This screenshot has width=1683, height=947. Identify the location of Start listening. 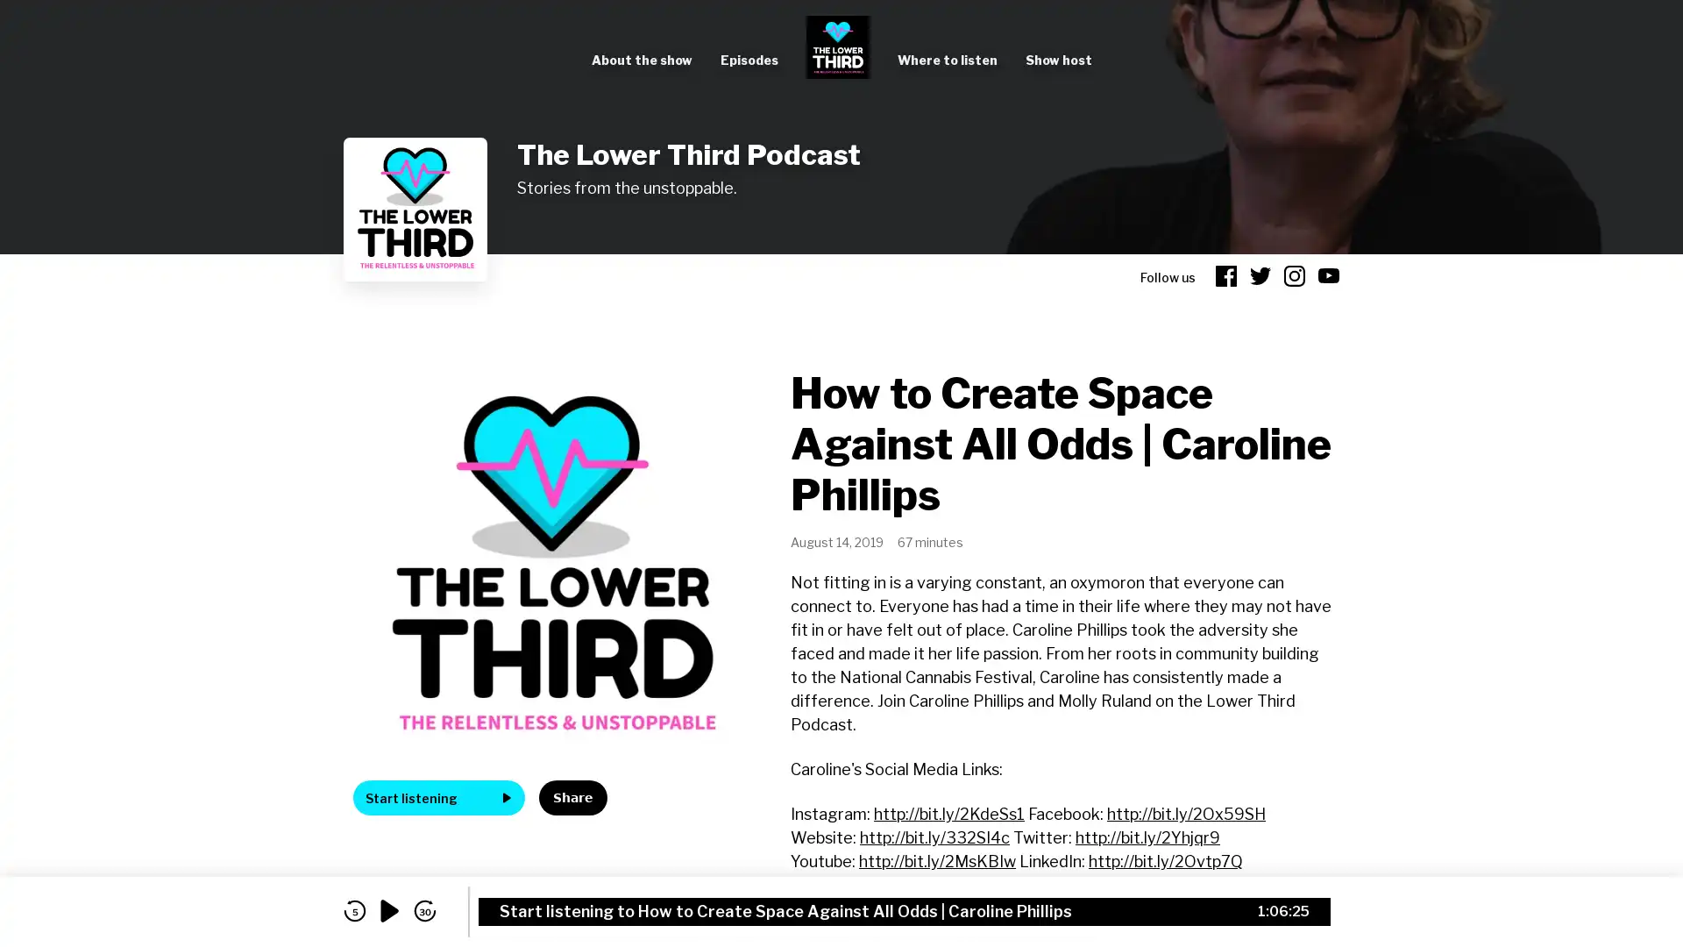
(438, 798).